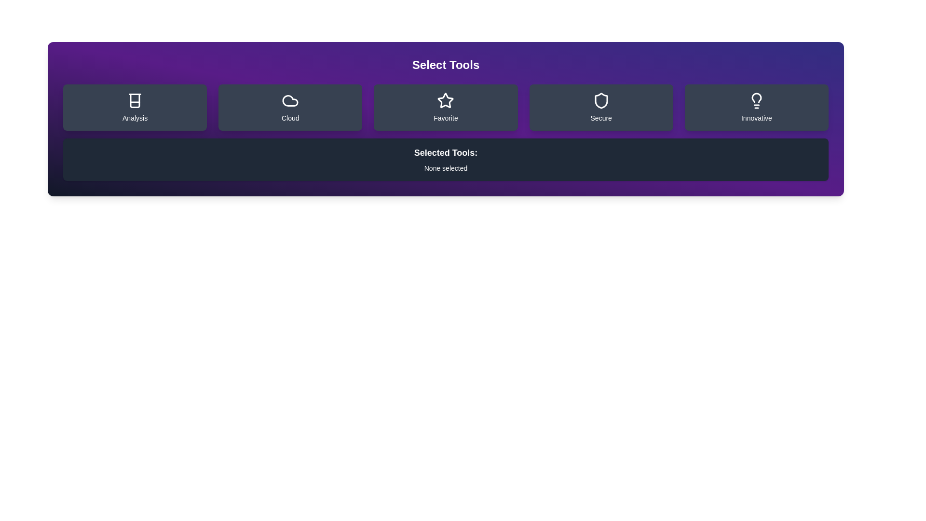 The width and height of the screenshot is (926, 521). I want to click on the shield icon, which is a white outline inside a dark gray rectangular button labeled 'Secure', located centrally within the fourth button of a horizontal toolbar, so click(600, 100).